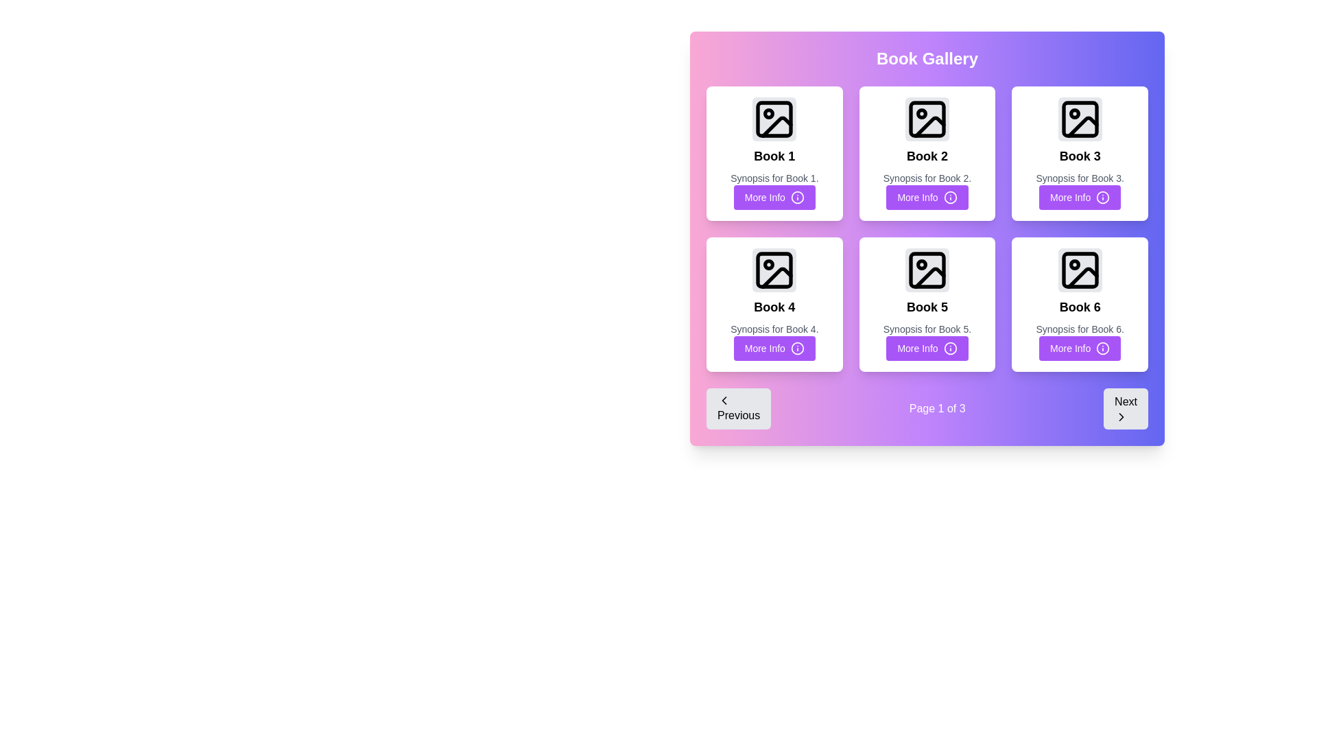  Describe the element at coordinates (1079, 118) in the screenshot. I see `the icon representing the book associated with 'Book 3' in the top-right corner of the 'Book Gallery' section` at that location.